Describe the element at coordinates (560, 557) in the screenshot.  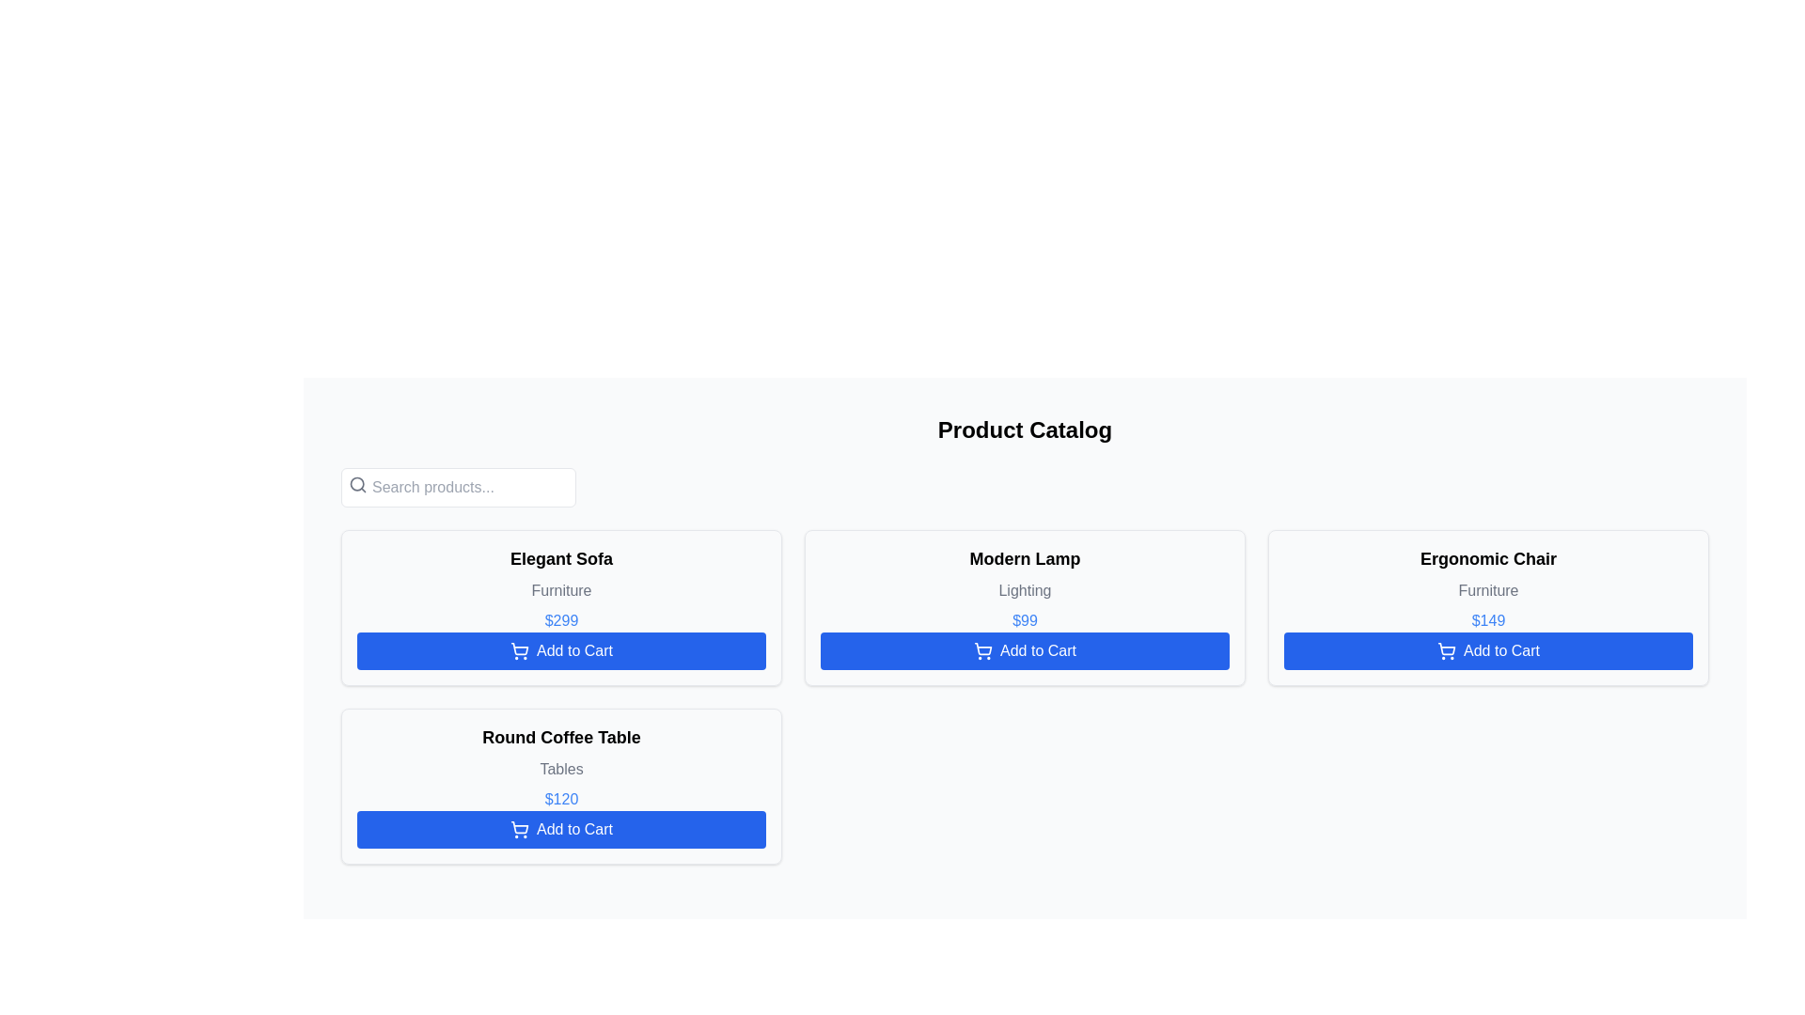
I see `the label displaying the product name 'Elegant Sofa' located at the upper-left corner of the grid layout` at that location.